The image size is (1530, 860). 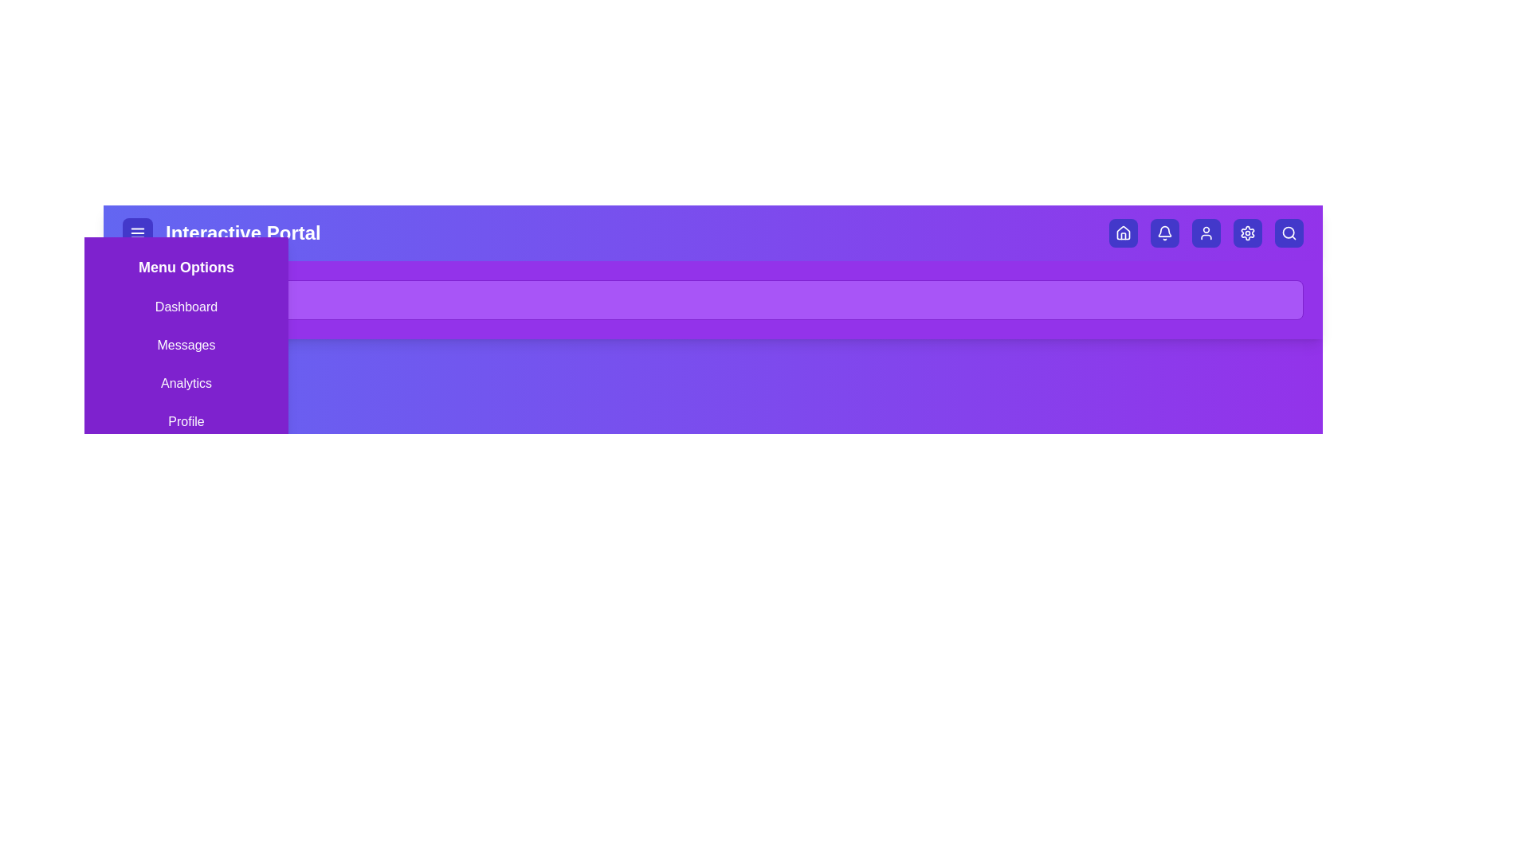 I want to click on the search bar and input the text 'example query', so click(x=712, y=300).